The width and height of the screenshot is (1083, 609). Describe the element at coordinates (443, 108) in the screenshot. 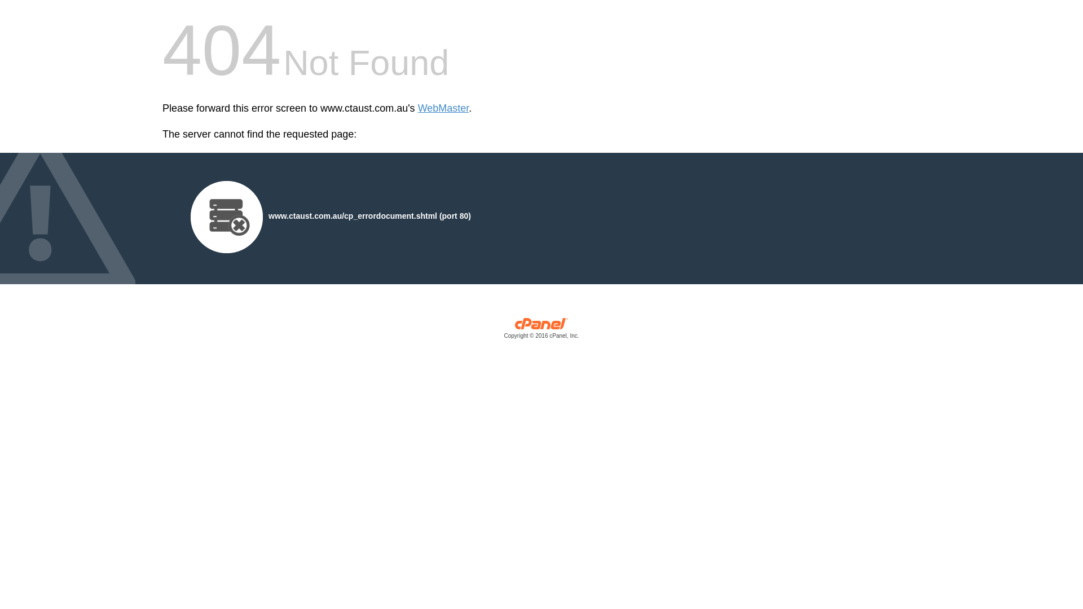

I see `'WebMaster'` at that location.